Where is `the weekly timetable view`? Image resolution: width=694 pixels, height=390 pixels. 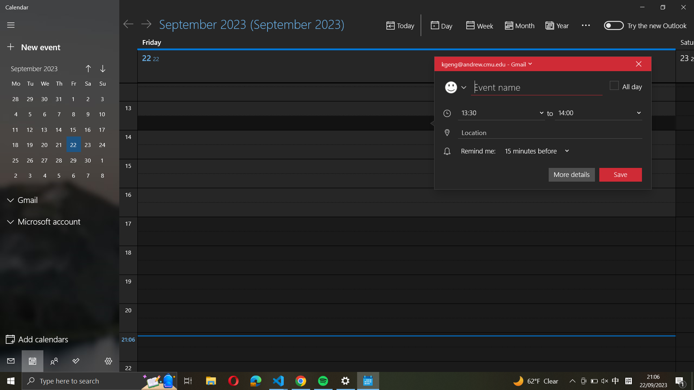
the weekly timetable view is located at coordinates (479, 25).